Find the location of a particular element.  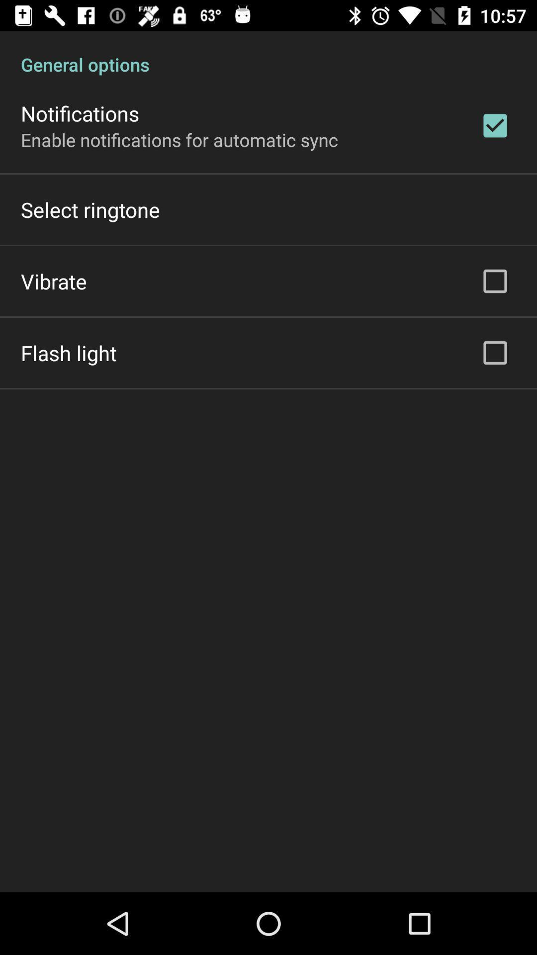

the select ringtone item is located at coordinates (90, 209).